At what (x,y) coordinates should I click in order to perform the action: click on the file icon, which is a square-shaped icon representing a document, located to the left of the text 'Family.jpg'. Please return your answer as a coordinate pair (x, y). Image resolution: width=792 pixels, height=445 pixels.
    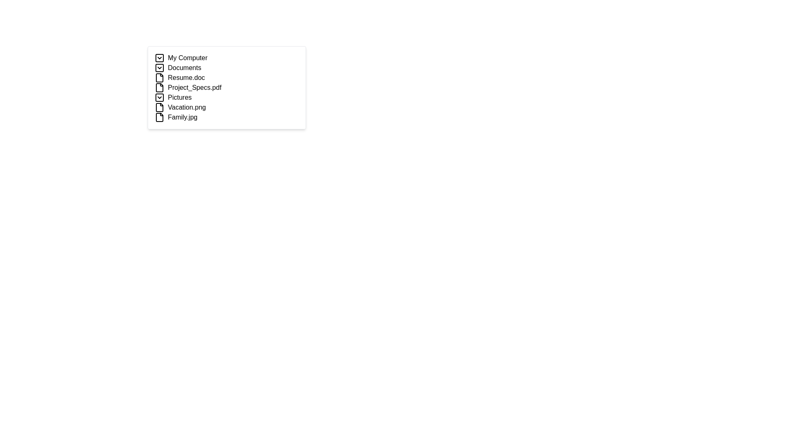
    Looking at the image, I should click on (160, 117).